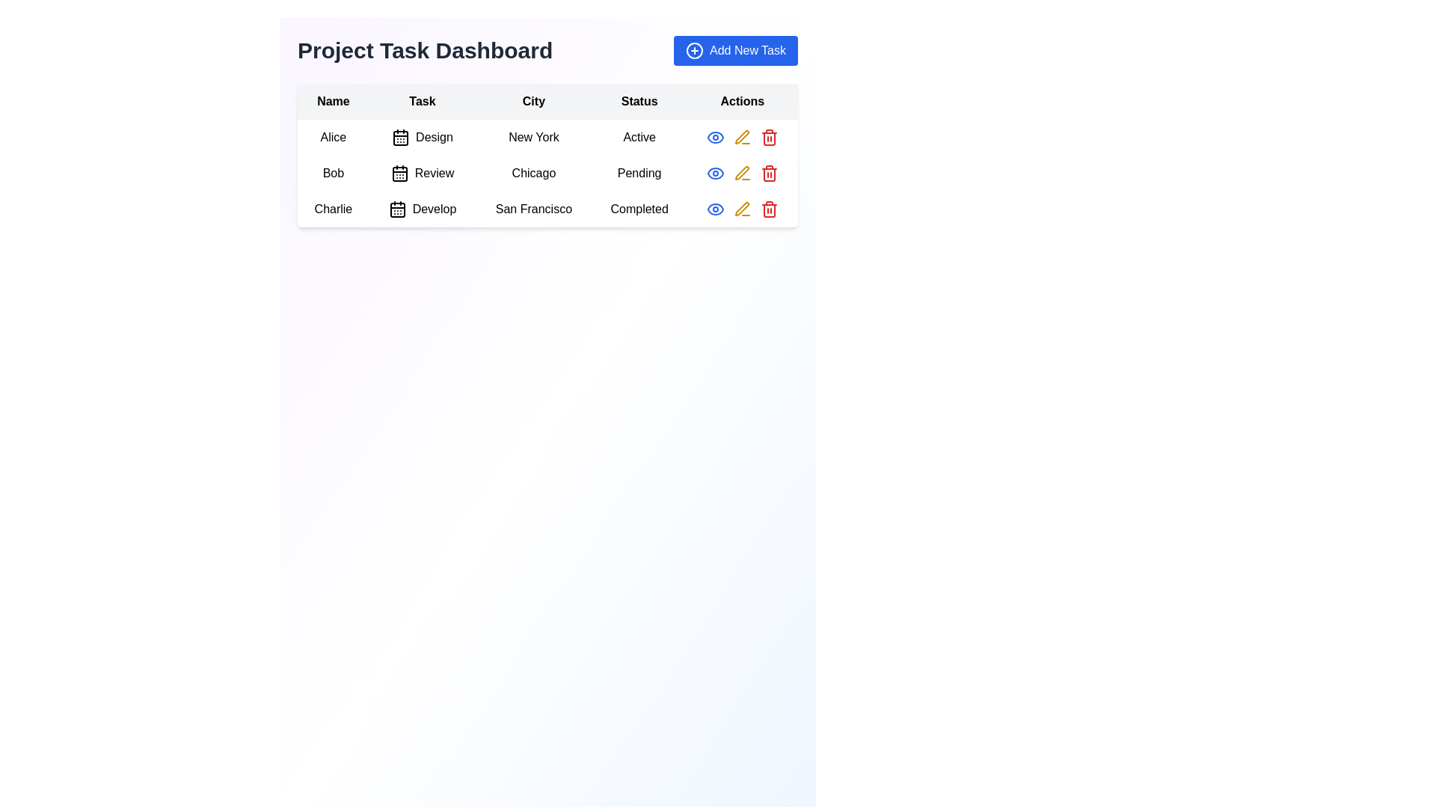 The height and width of the screenshot is (808, 1436). What do you see at coordinates (639, 209) in the screenshot?
I see `the text label displaying 'Completed' in the 'Status' column of the table, located in the last row corresponding to 'Charlie', 'Develop', and 'San Francisco'` at bounding box center [639, 209].